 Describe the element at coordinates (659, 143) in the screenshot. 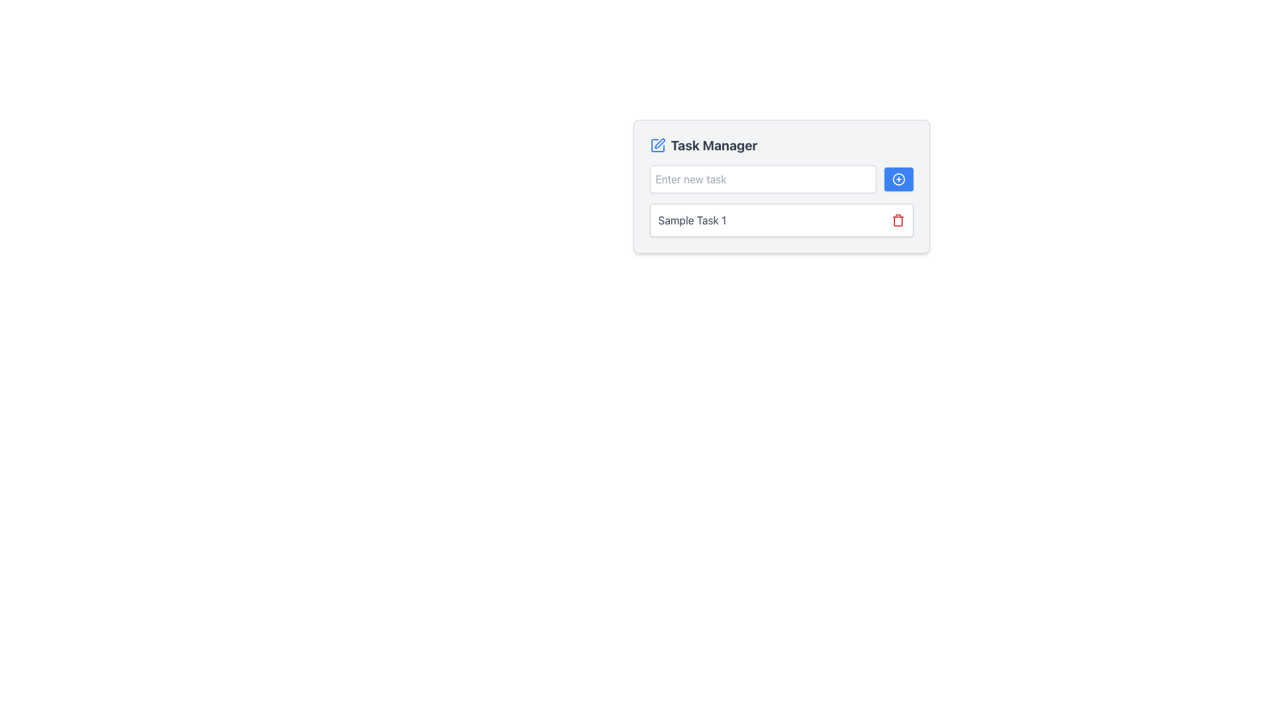

I see `the pen-like icon located within the square at the top-left corner of the 'Task Manager' header, which indicates an 'edit' action` at that location.